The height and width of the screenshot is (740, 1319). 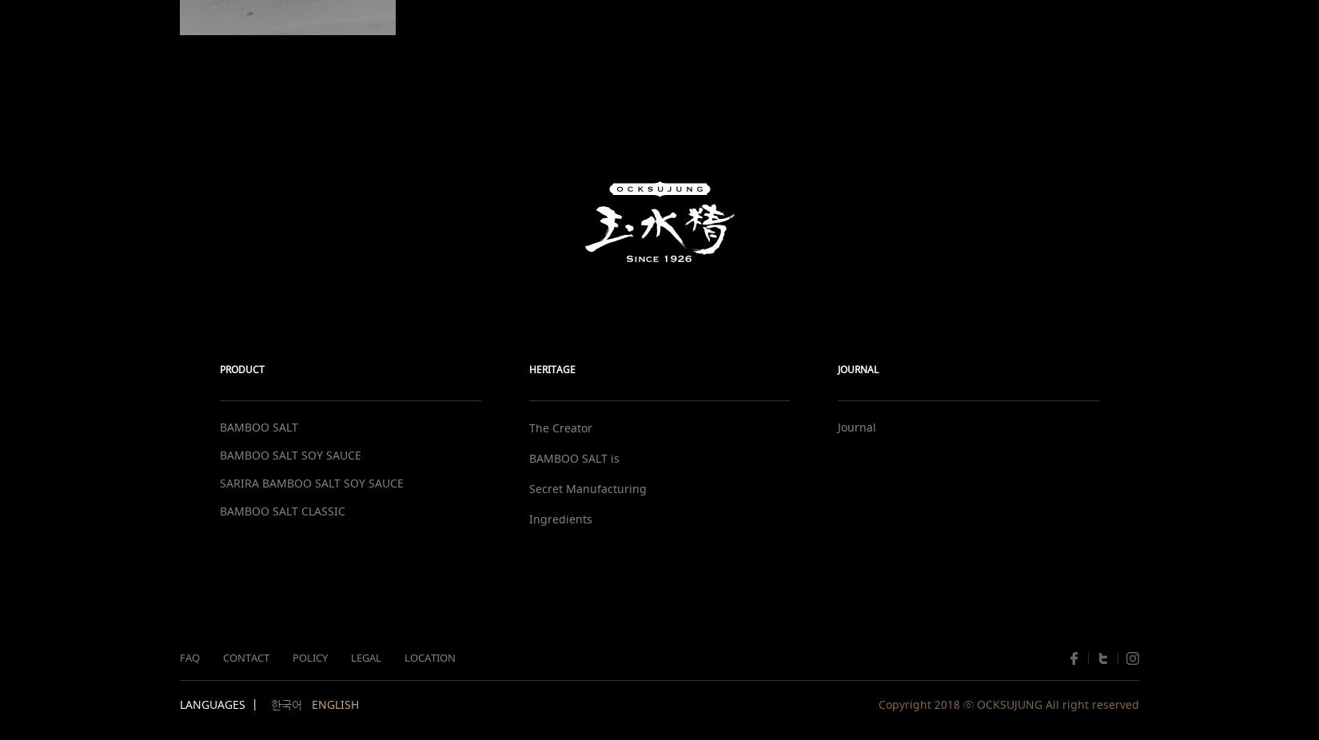 What do you see at coordinates (220, 369) in the screenshot?
I see `'PRODUCT'` at bounding box center [220, 369].